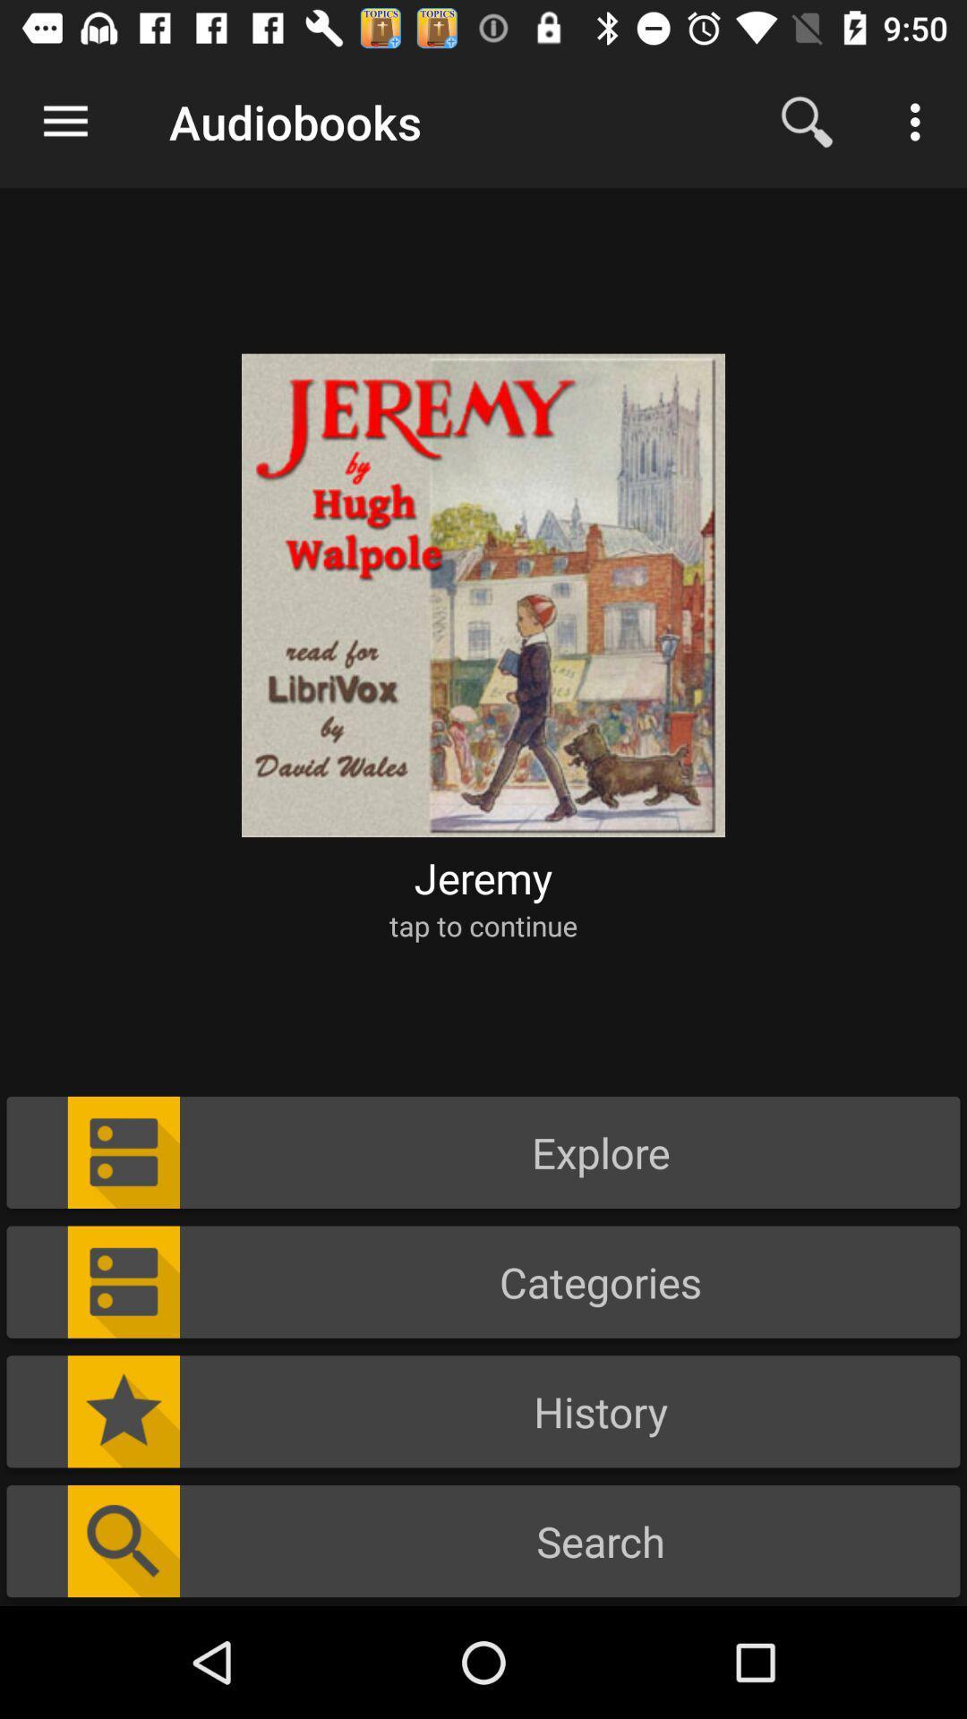  What do you see at coordinates (483, 877) in the screenshot?
I see `the icon above the tap to continue item` at bounding box center [483, 877].